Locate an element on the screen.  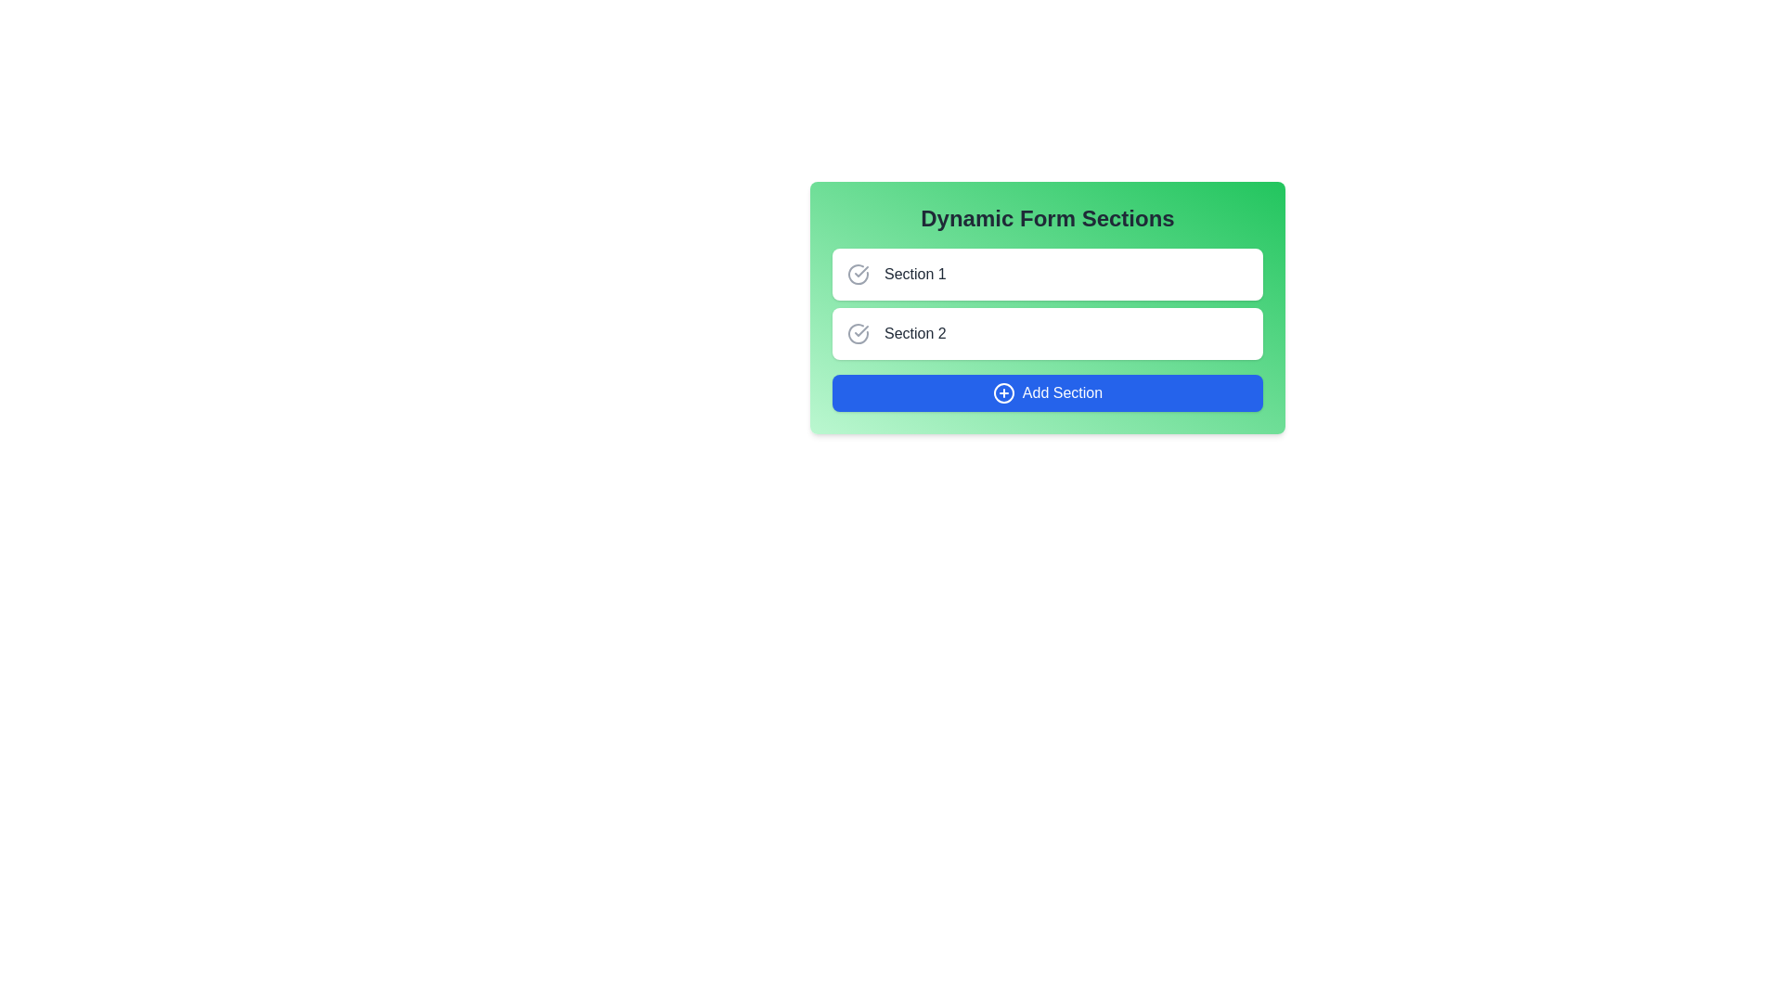
the visual state of the icon indicating the status of 'Section 2', positioned to the far left of its label is located at coordinates (858, 332).